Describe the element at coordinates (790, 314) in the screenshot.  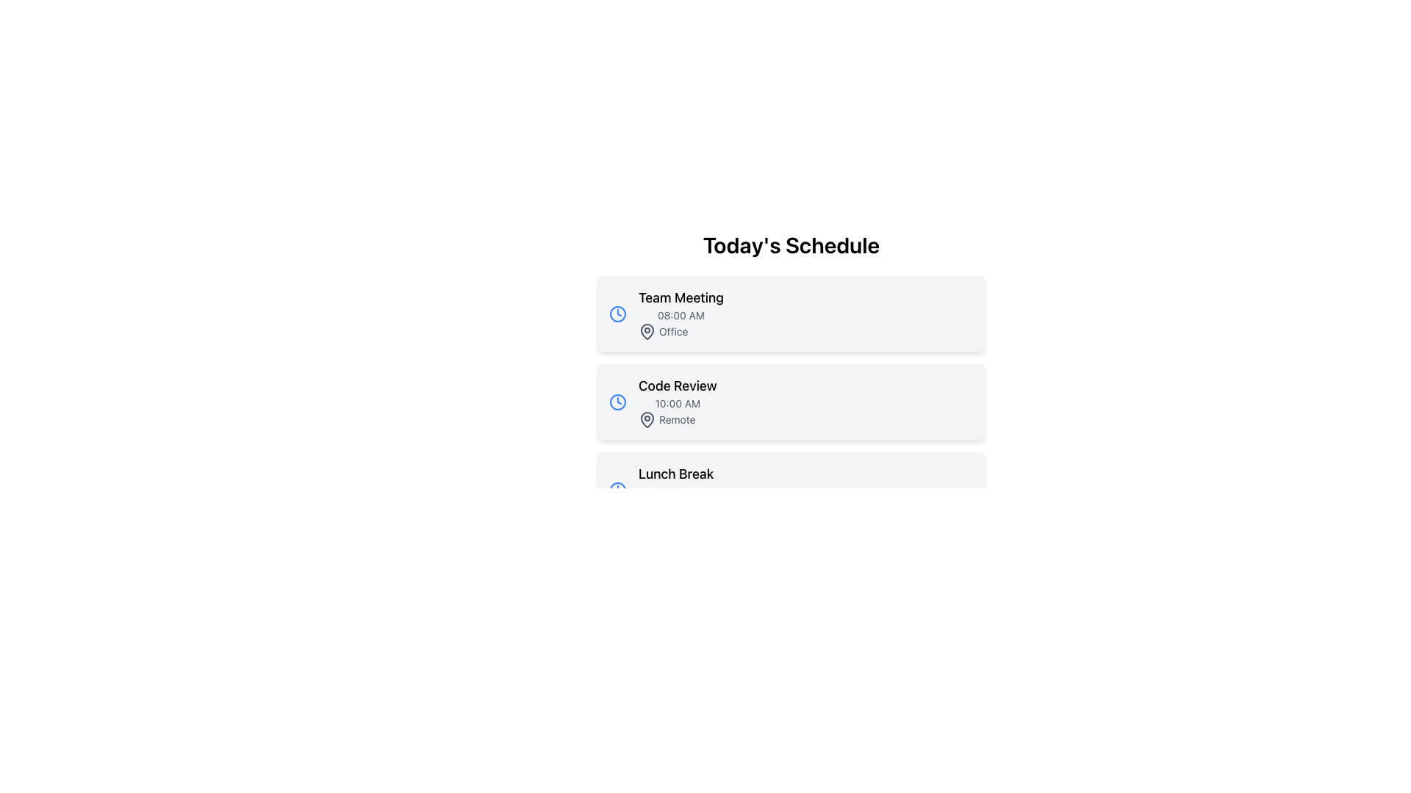
I see `the first schedule event item under 'Today's Schedule' that displays meeting details` at that location.